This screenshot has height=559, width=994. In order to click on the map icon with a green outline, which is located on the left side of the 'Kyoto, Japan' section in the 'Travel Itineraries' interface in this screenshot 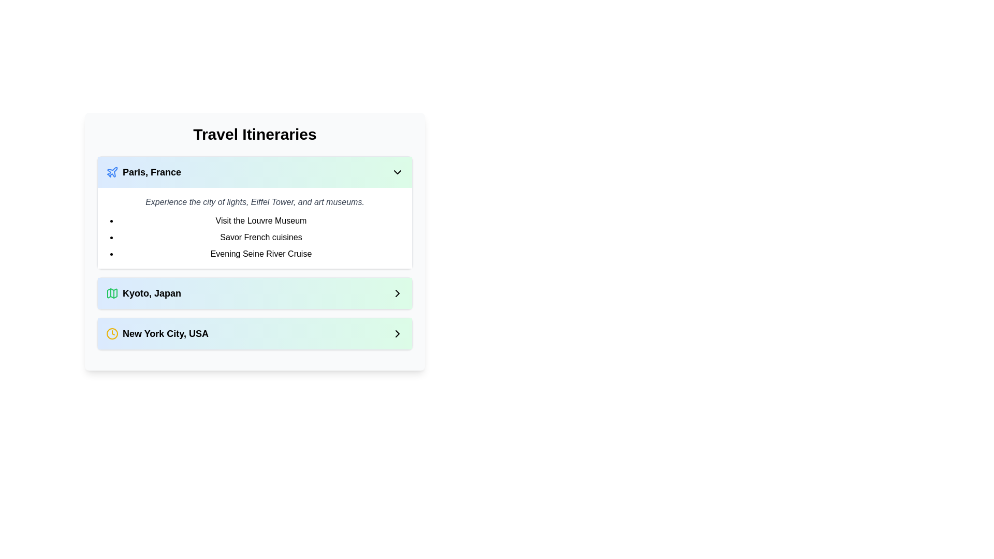, I will do `click(112, 293)`.